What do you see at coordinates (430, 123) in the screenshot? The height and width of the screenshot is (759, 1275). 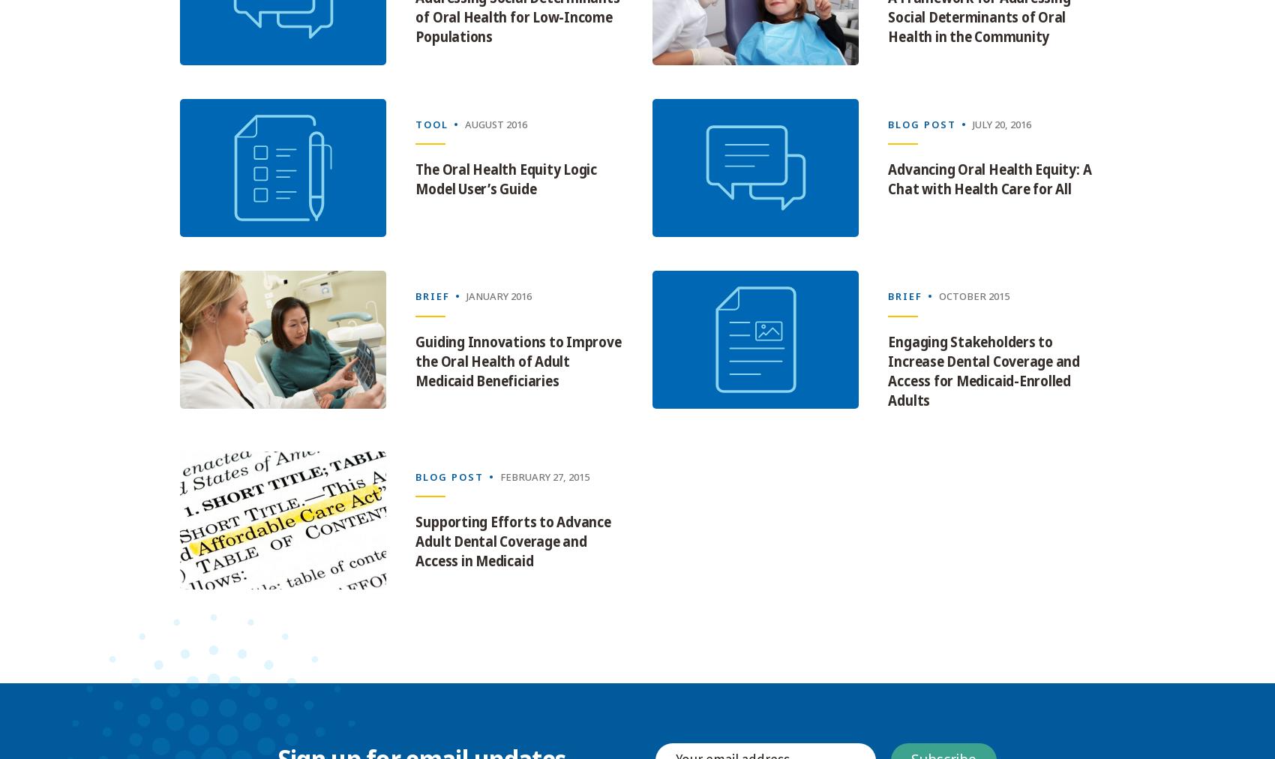 I see `'Tool'` at bounding box center [430, 123].